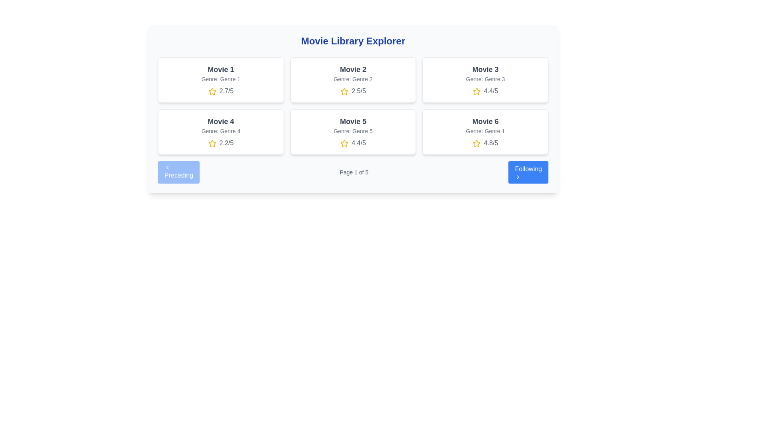  What do you see at coordinates (353, 172) in the screenshot?
I see `the Text indicator displaying the current page number in the pagination interface, which is located between the 'Preceding' and 'Following' navigation buttons` at bounding box center [353, 172].